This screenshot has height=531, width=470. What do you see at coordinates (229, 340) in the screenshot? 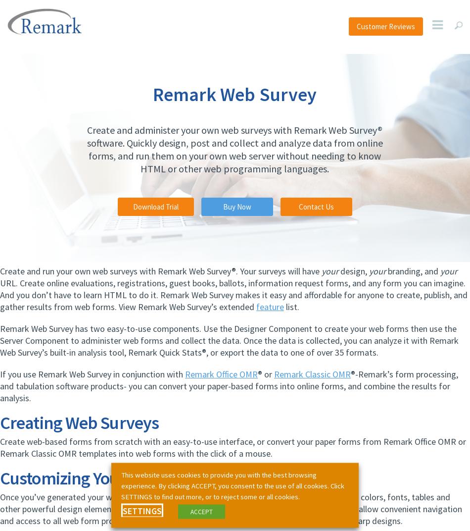
I see `'Remark Web Survey has two easy-to-use components. Use the Designer Component to create your web forms then use the Server Component to administer web forms and collect the data. Once the data is collected, you can analyze it with Remark Web Survey’s built-in analysis tool, Remark Quick Stats®, or export the data to one of over 35 formats.'` at bounding box center [229, 340].